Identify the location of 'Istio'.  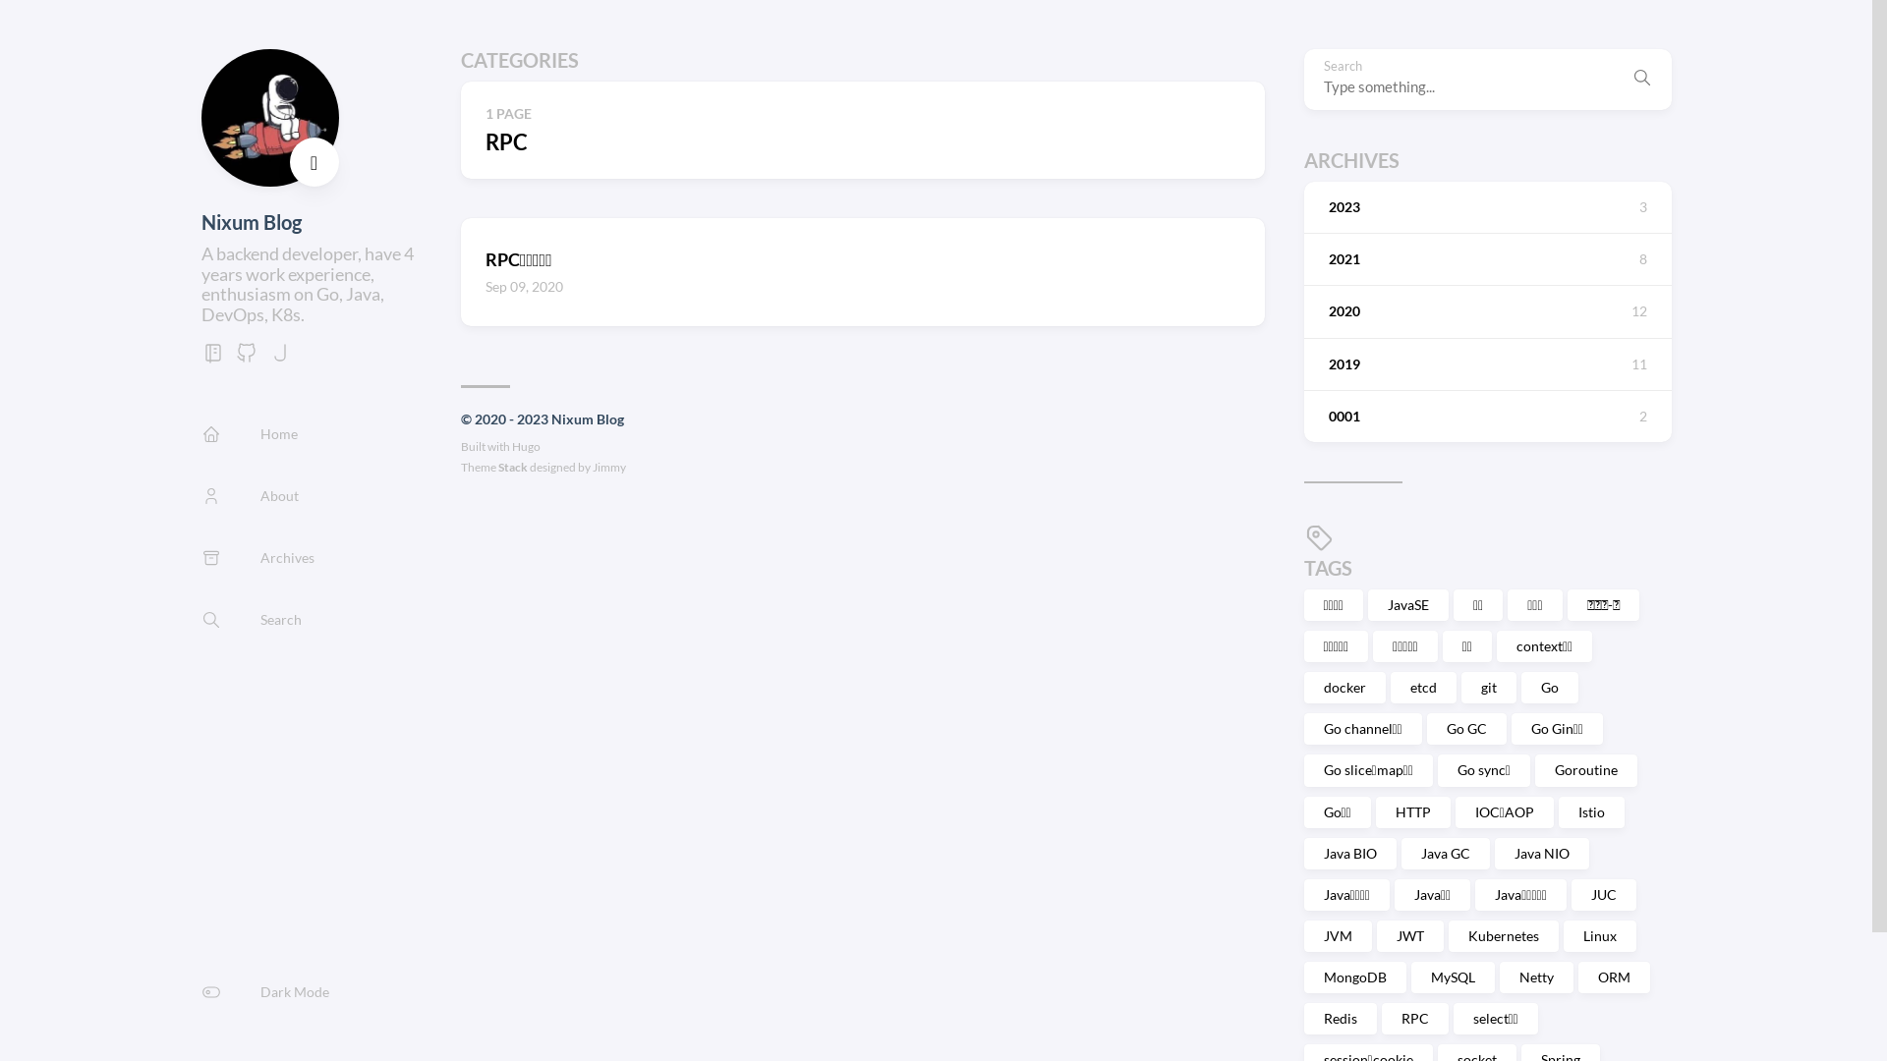
(1591, 811).